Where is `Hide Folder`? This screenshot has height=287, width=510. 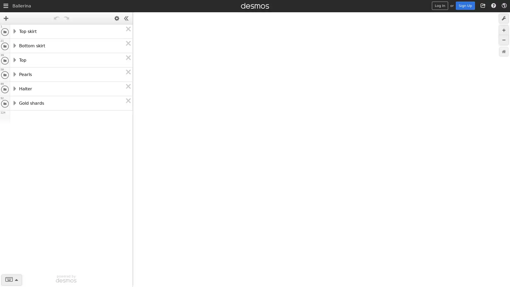
Hide Folder is located at coordinates (5, 103).